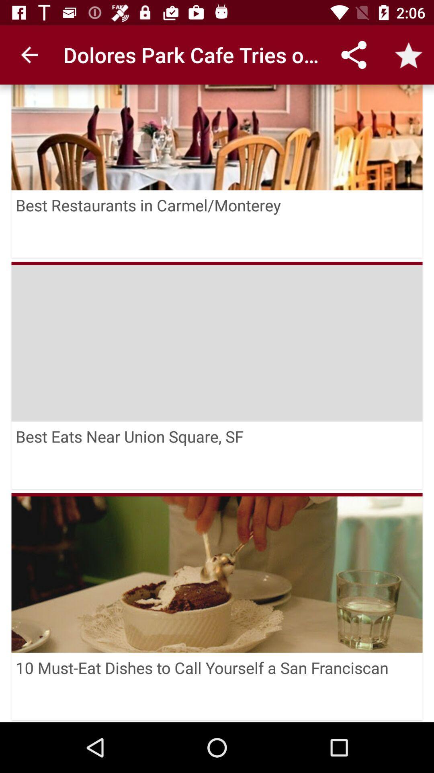 The image size is (434, 773). Describe the element at coordinates (217, 263) in the screenshot. I see `icon above best eats near item` at that location.